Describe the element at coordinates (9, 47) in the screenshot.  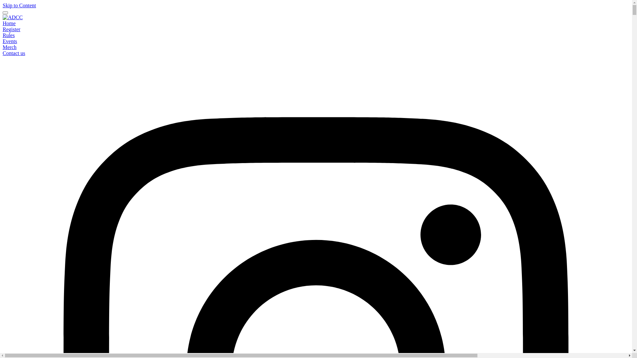
I see `'Merch'` at that location.